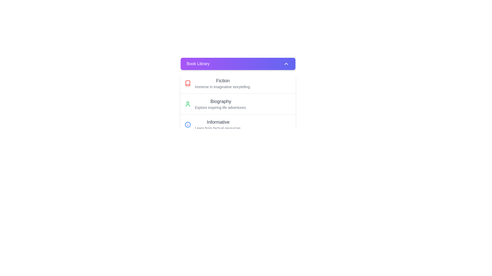 This screenshot has width=492, height=276. I want to click on text snippet 'Explore inspiring life adventures.' which is styled in light gray and positioned directly below the 'Biography' heading, so click(221, 107).